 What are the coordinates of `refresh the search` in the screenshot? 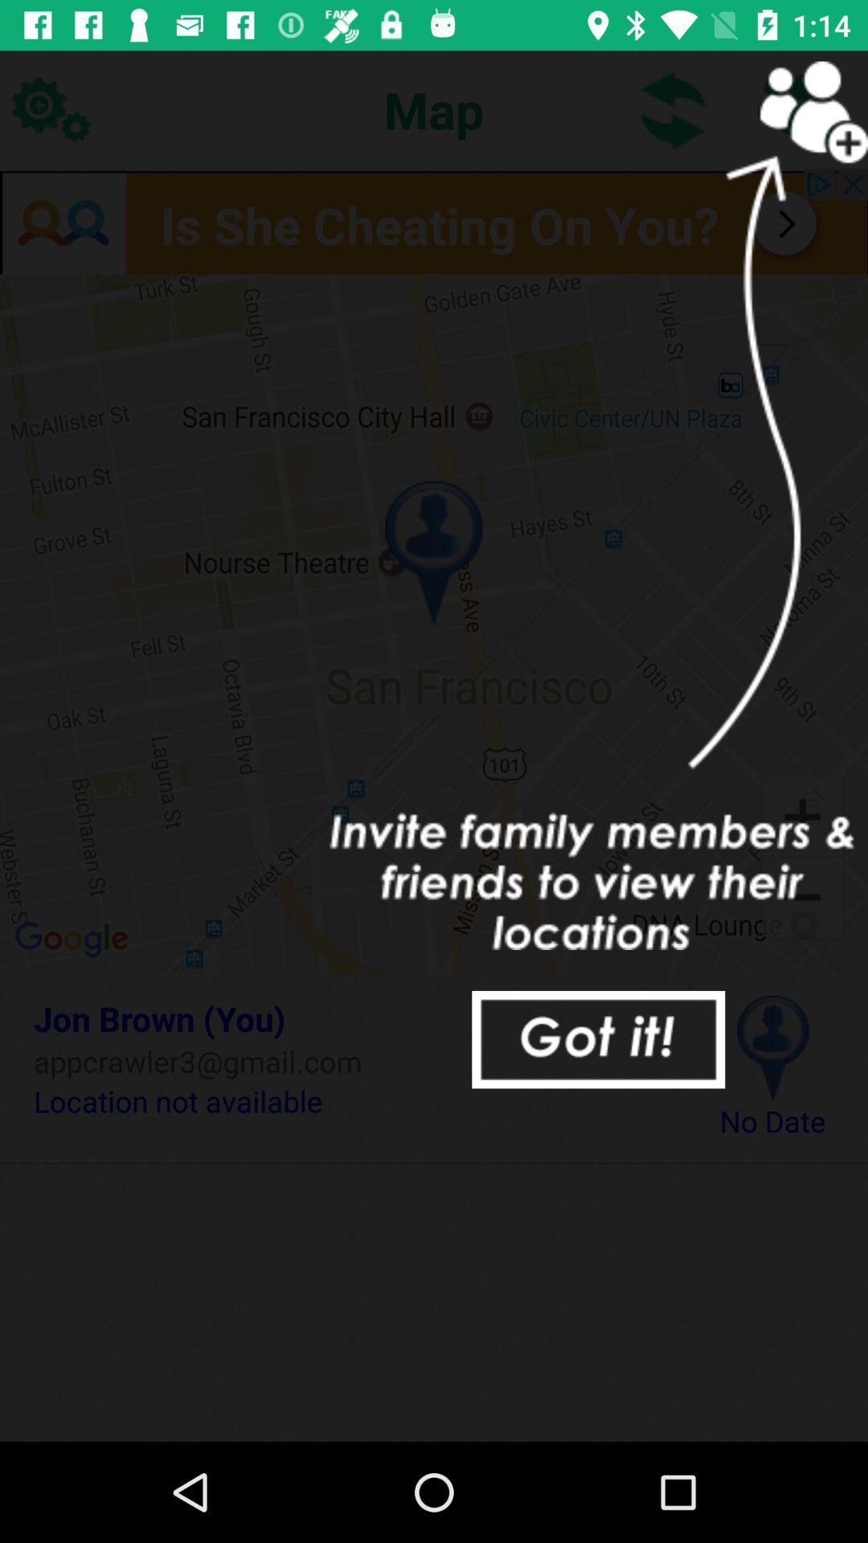 It's located at (674, 108).